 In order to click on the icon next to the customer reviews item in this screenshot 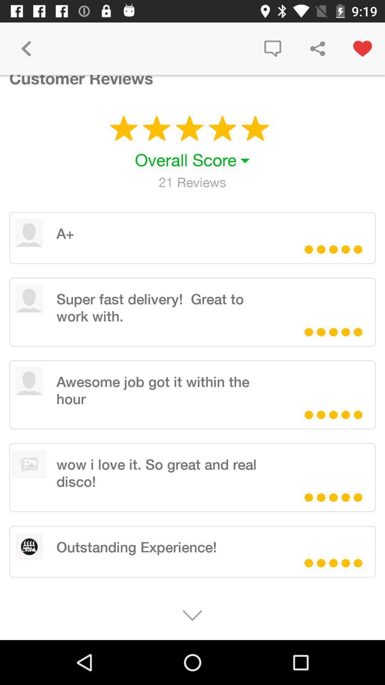, I will do `click(272, 48)`.